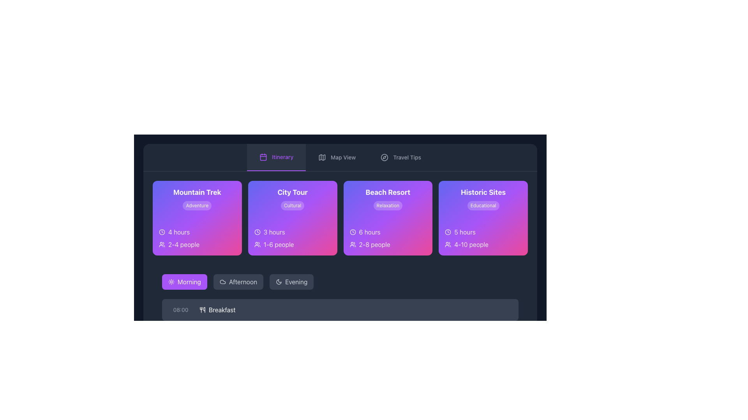 Image resolution: width=748 pixels, height=420 pixels. What do you see at coordinates (343, 157) in the screenshot?
I see `the rightmost text label in the navigation bar` at bounding box center [343, 157].